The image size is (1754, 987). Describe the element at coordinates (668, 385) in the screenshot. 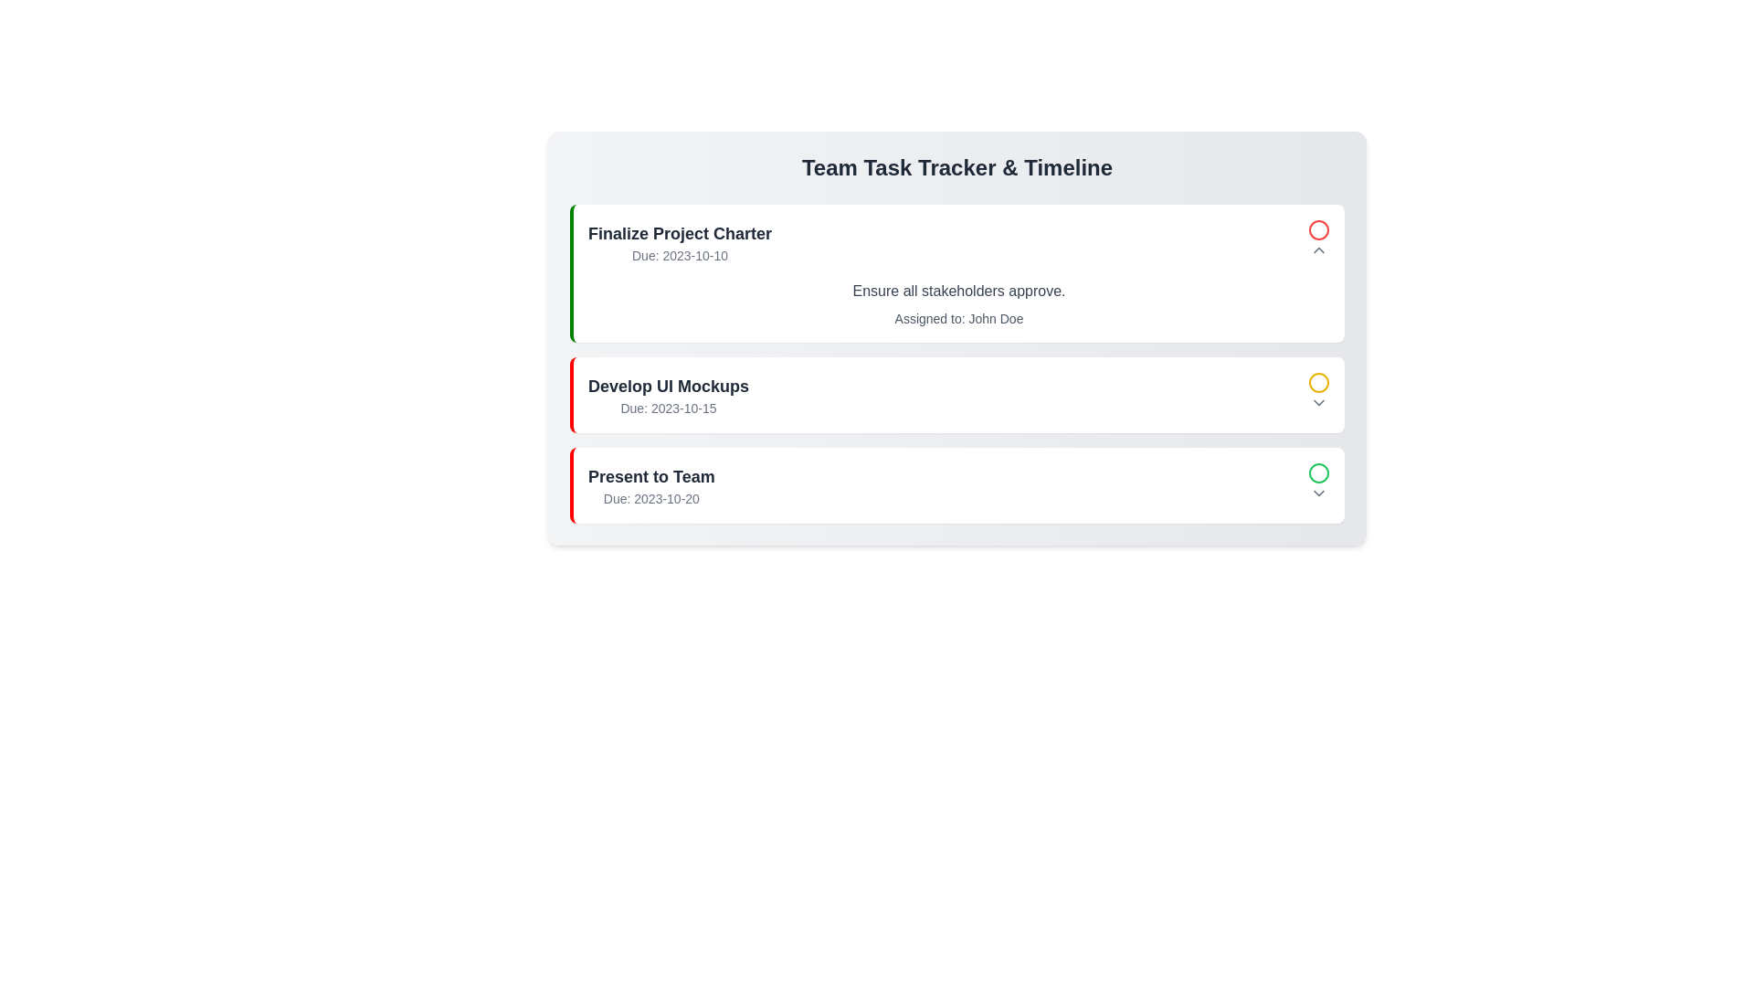

I see `the Text label that identifies the specific task entry in the task tracker, which is centrally placed within the second task card and positioned above the 'Due: 2023-10-15' text` at that location.